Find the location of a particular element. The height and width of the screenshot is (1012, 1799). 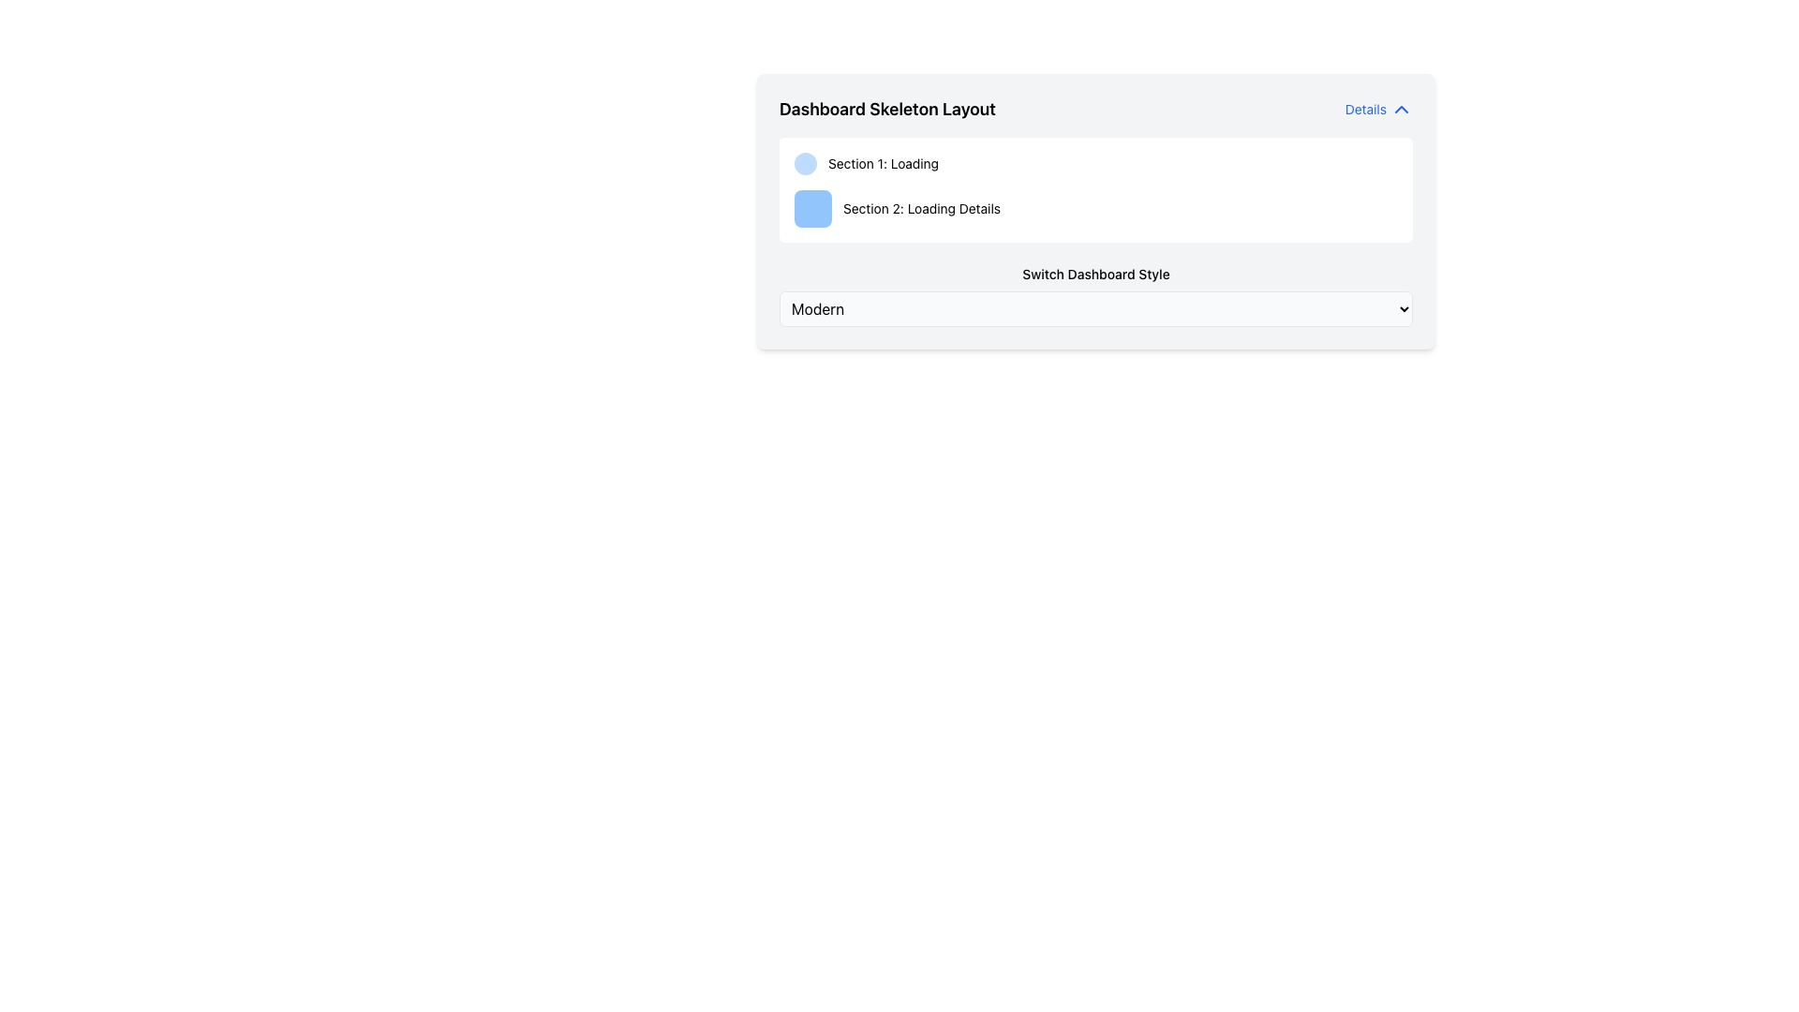

the text label displaying 'Switch Dashboard Style' located below 'Section 1: Loading' and 'Section 2: Loading Details' on the left side of the dashboard is located at coordinates (1096, 275).